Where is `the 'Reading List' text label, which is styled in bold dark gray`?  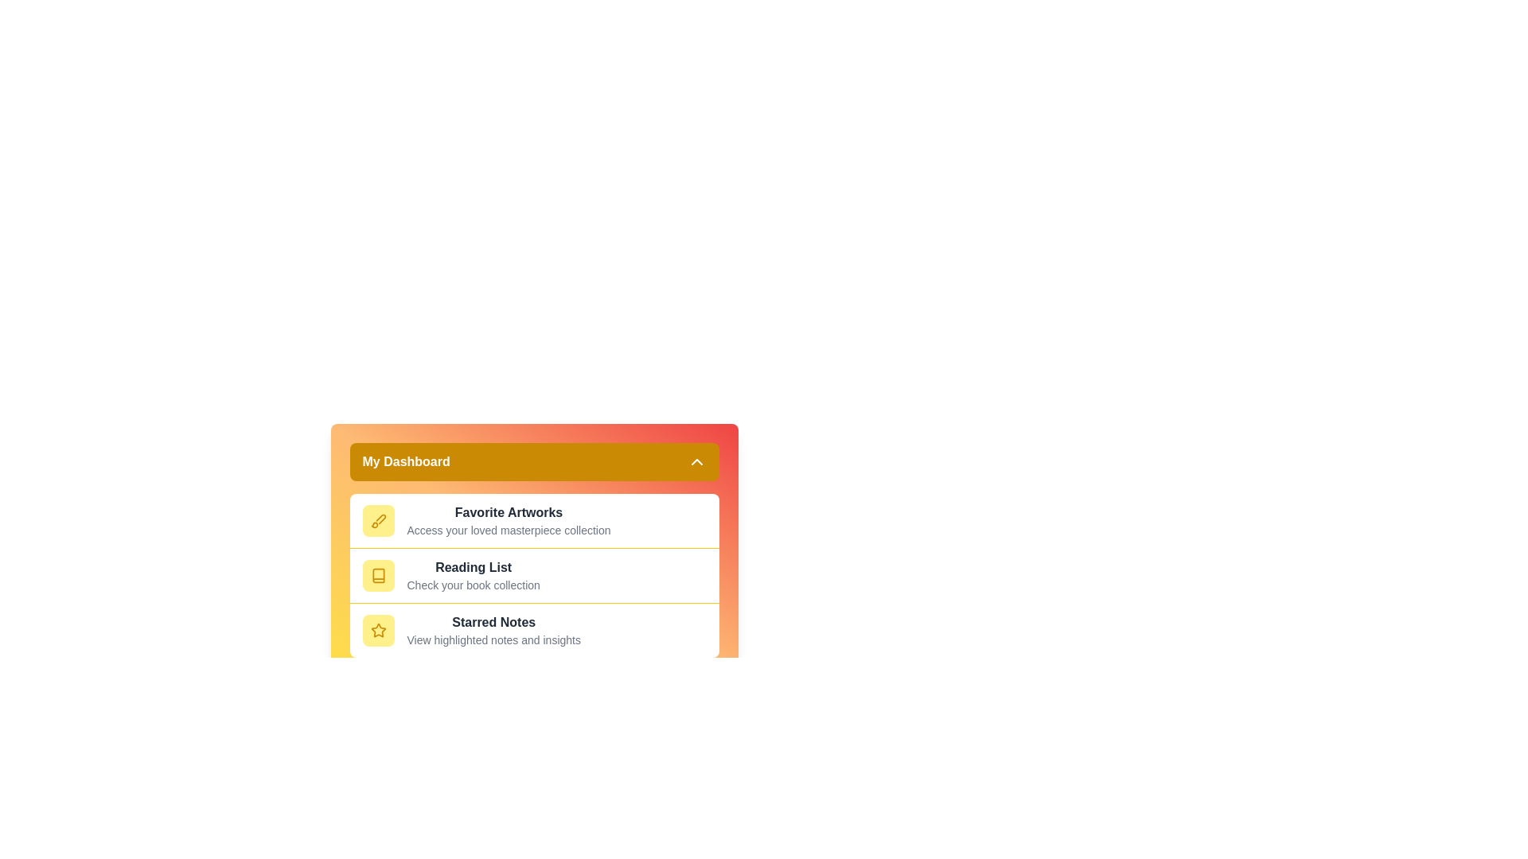 the 'Reading List' text label, which is styled in bold dark gray is located at coordinates (473, 566).